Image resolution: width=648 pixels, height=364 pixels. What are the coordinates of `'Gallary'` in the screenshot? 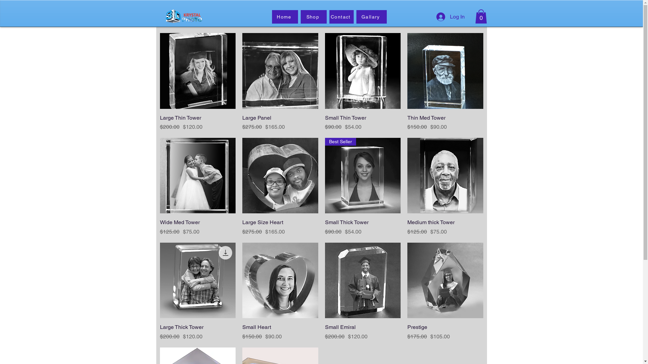 It's located at (356, 17).